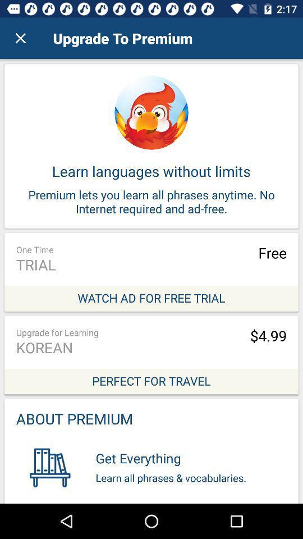 Image resolution: width=303 pixels, height=539 pixels. I want to click on the item at the top left corner, so click(20, 38).